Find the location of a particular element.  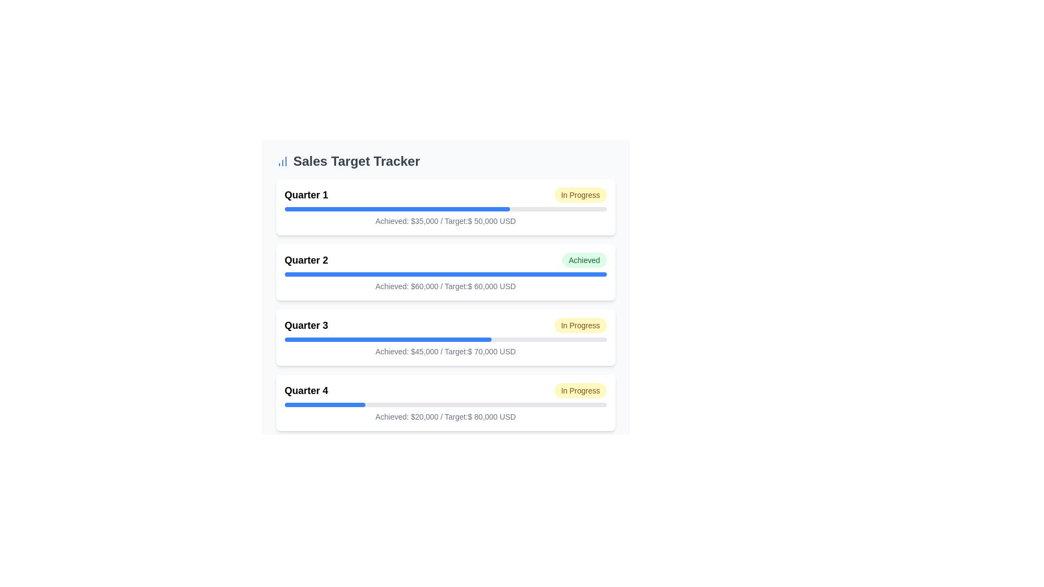

the Progress Bar Segment representing the completion status of Quarter 3, which visually indicates the progress made towards its monetary goals is located at coordinates (388, 339).